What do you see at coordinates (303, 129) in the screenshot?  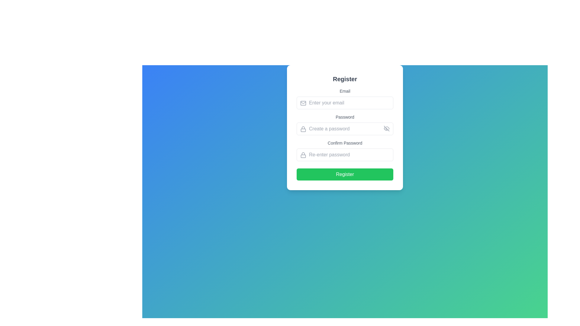 I see `the lock icon that symbolizes security, located to the left of the 'Create a password' input box` at bounding box center [303, 129].